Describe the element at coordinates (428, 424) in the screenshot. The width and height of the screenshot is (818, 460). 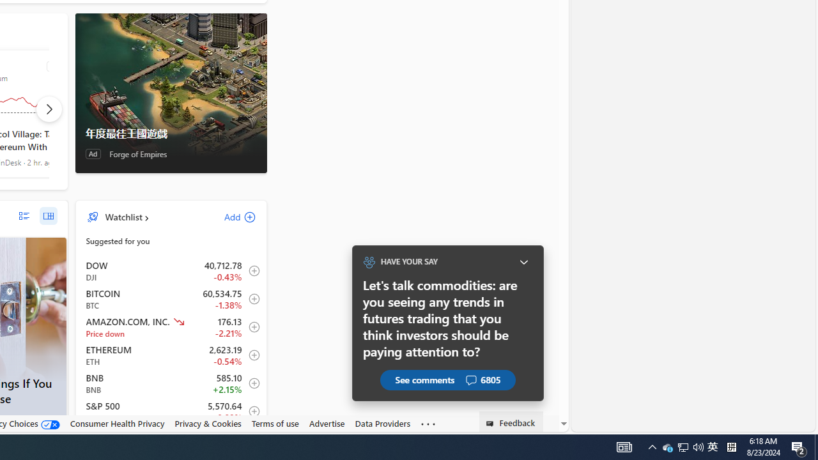
I see `'Class: oneFooter_seeMore-DS-EntryPoint1-1'` at that location.